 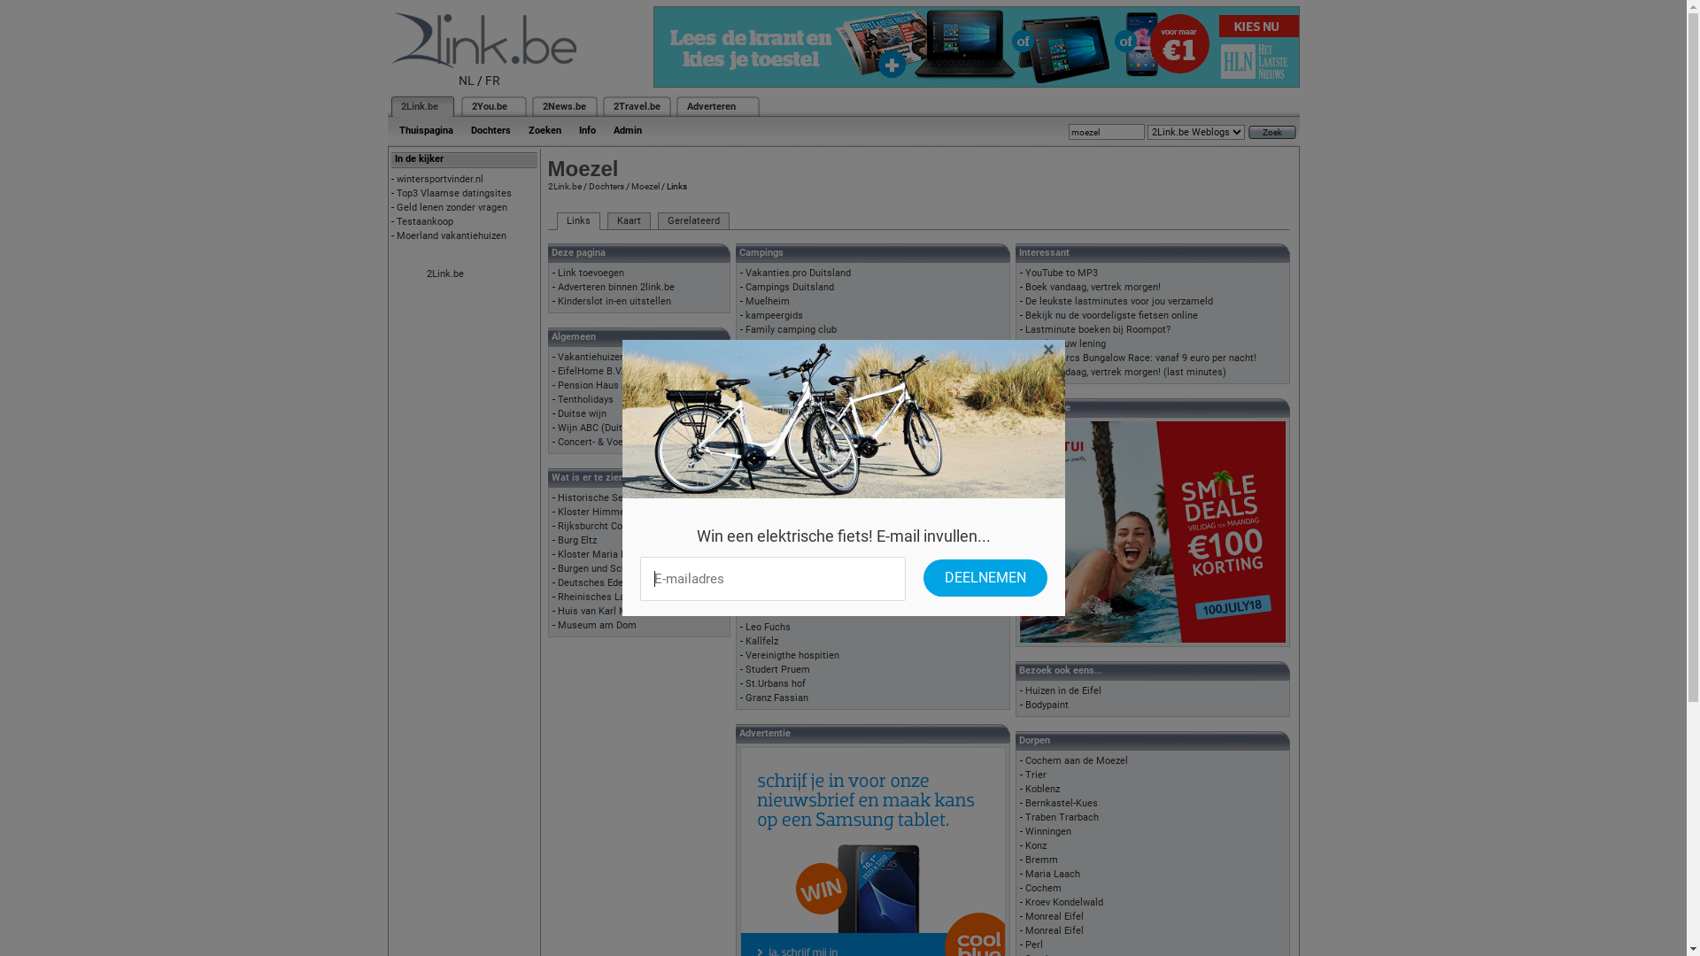 What do you see at coordinates (1075, 759) in the screenshot?
I see `'Cochem aan de Moezel'` at bounding box center [1075, 759].